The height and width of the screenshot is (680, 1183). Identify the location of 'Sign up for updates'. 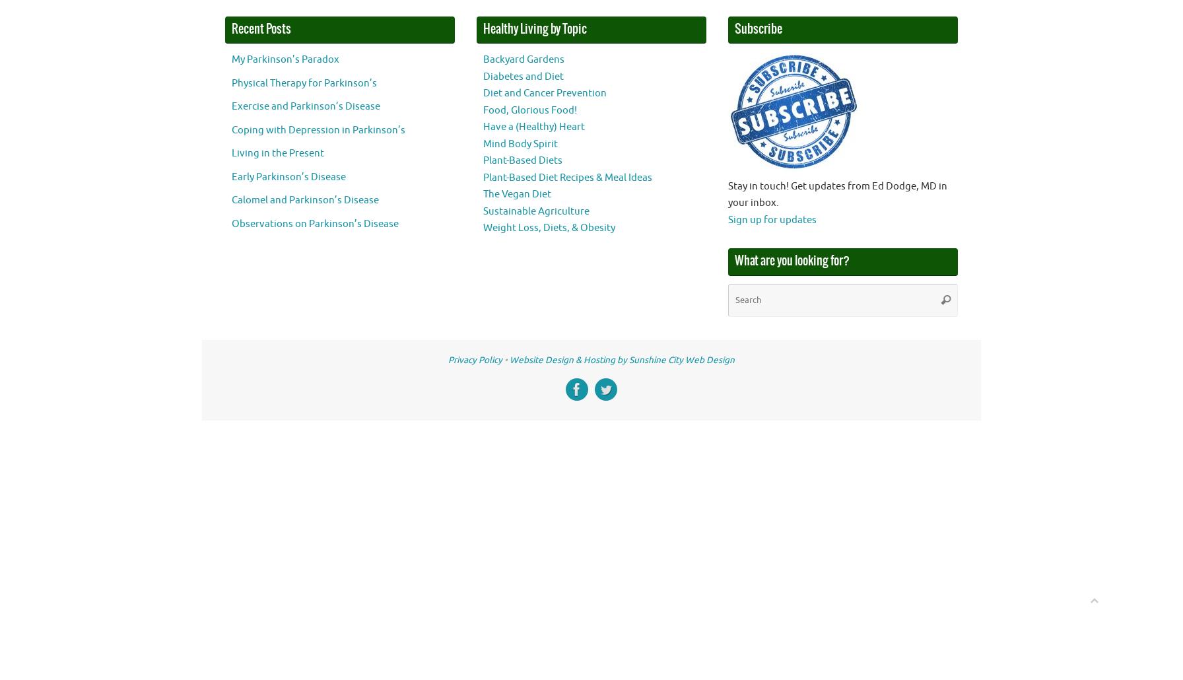
(771, 219).